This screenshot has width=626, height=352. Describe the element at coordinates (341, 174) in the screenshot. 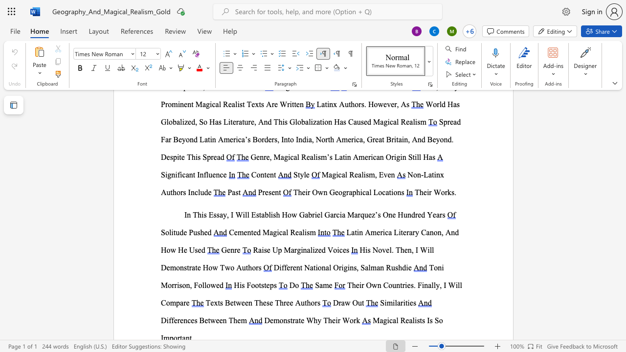

I see `the space between the continuous character "c" and "a" in the text` at that location.